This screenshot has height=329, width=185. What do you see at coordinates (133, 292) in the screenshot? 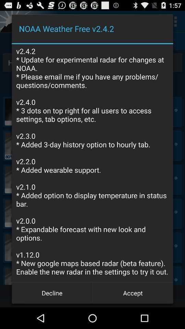
I see `button next to decline button` at bounding box center [133, 292].